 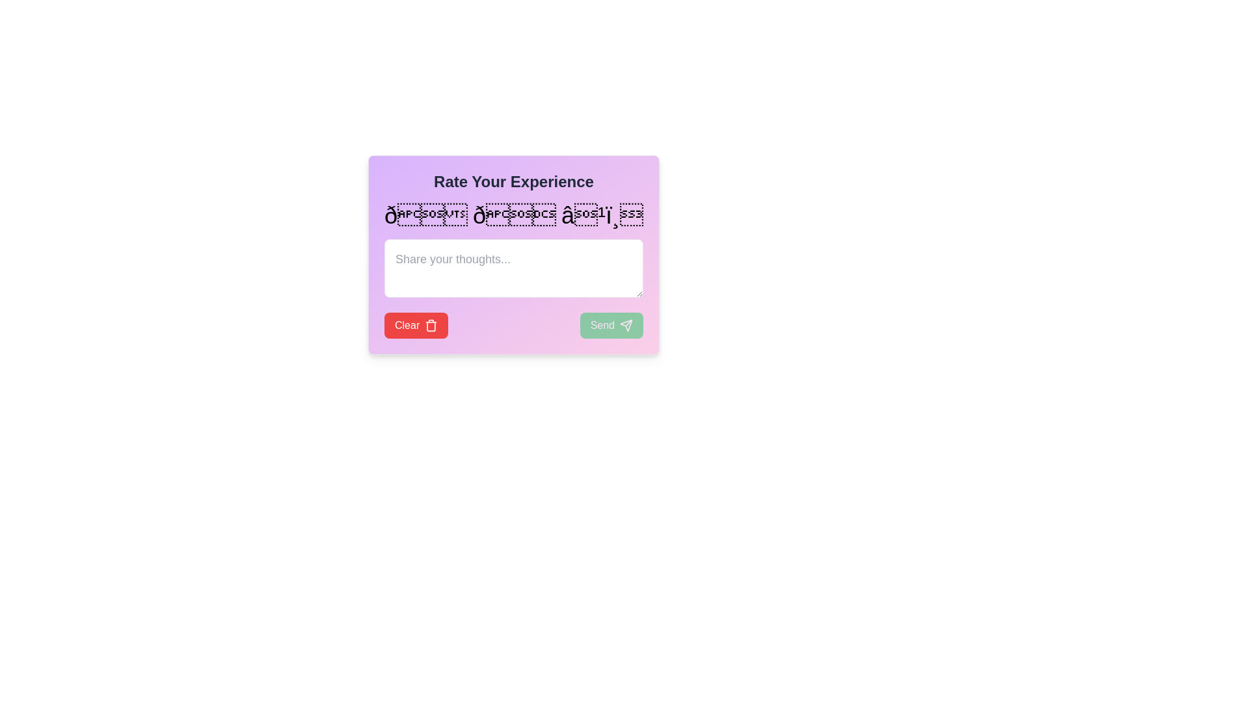 I want to click on the neutral expression icon, which is the third button in a row of three face icons used for feedback or rating, so click(x=602, y=214).